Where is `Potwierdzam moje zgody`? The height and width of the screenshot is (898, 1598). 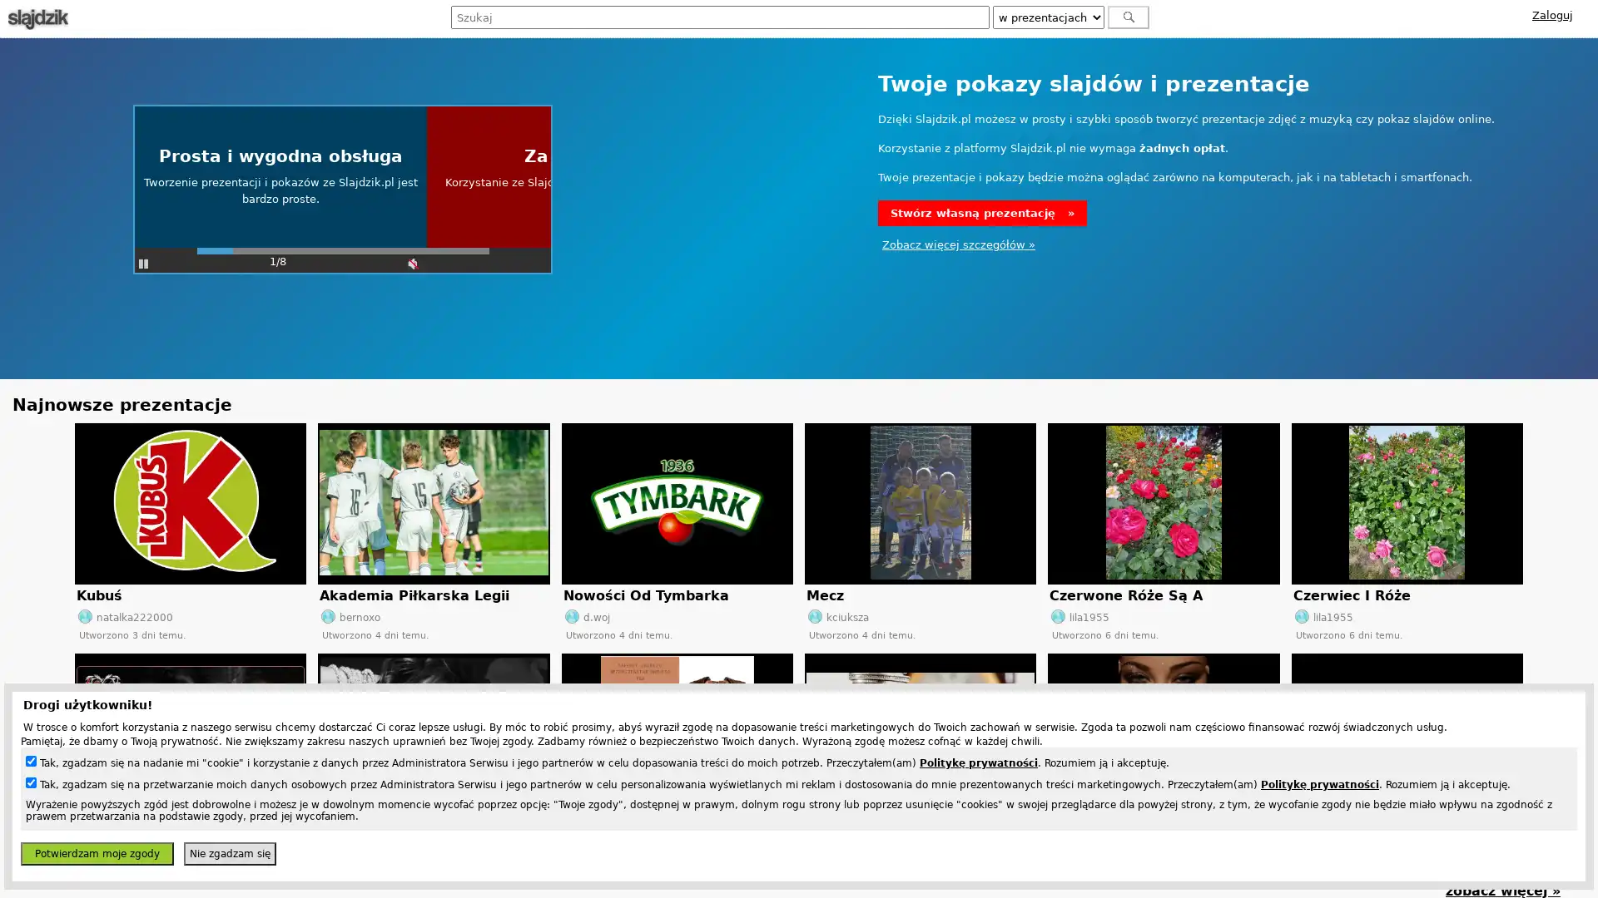 Potwierdzam moje zgody is located at coordinates (96, 853).